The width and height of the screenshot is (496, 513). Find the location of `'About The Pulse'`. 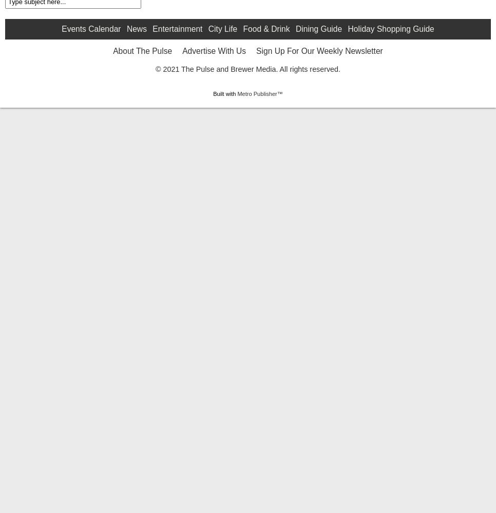

'About The Pulse' is located at coordinates (142, 132).